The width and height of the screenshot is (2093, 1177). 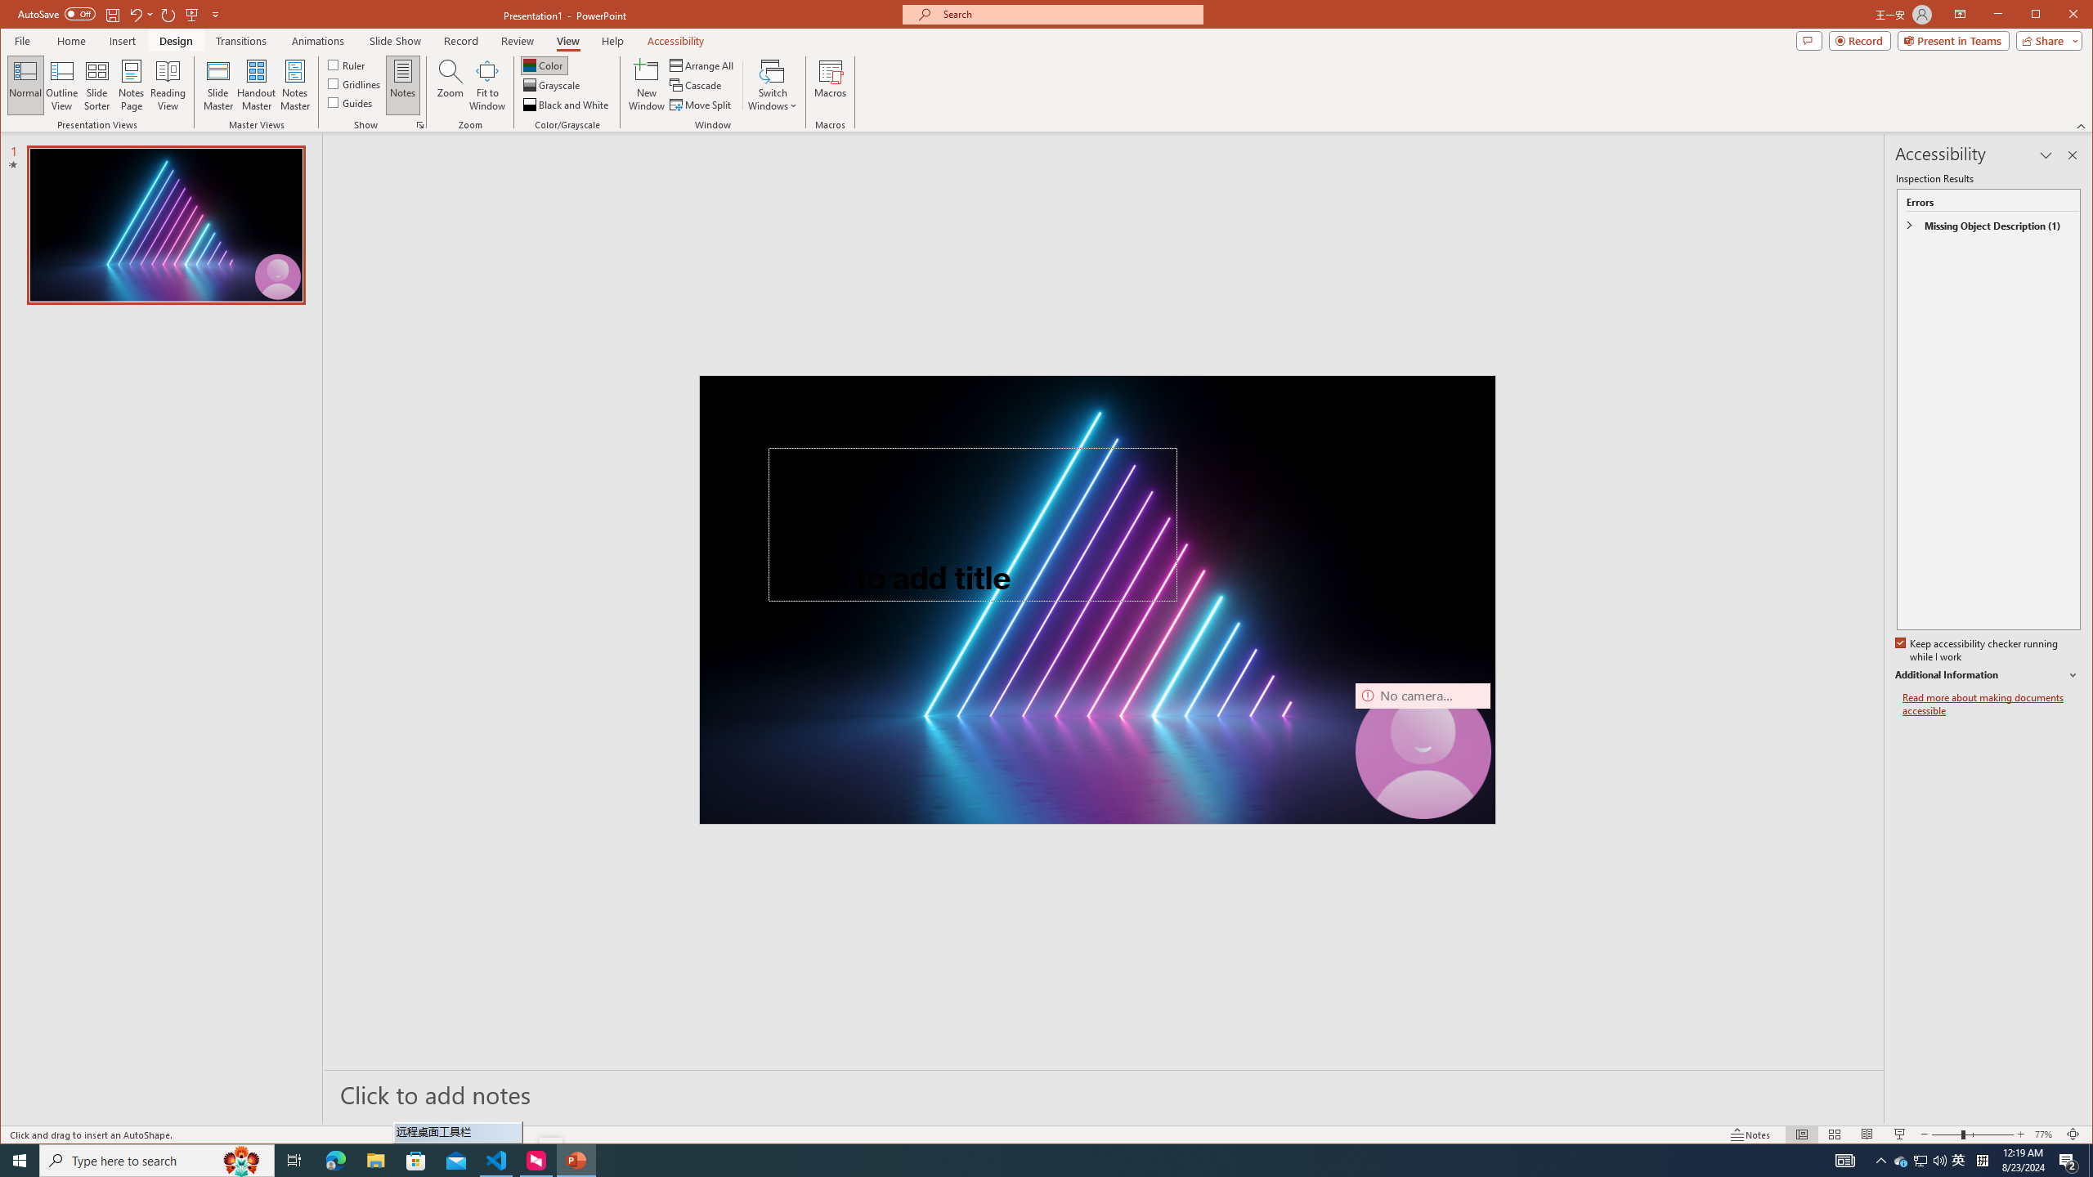 I want to click on 'Keep accessibility checker running while I work', so click(x=1977, y=651).